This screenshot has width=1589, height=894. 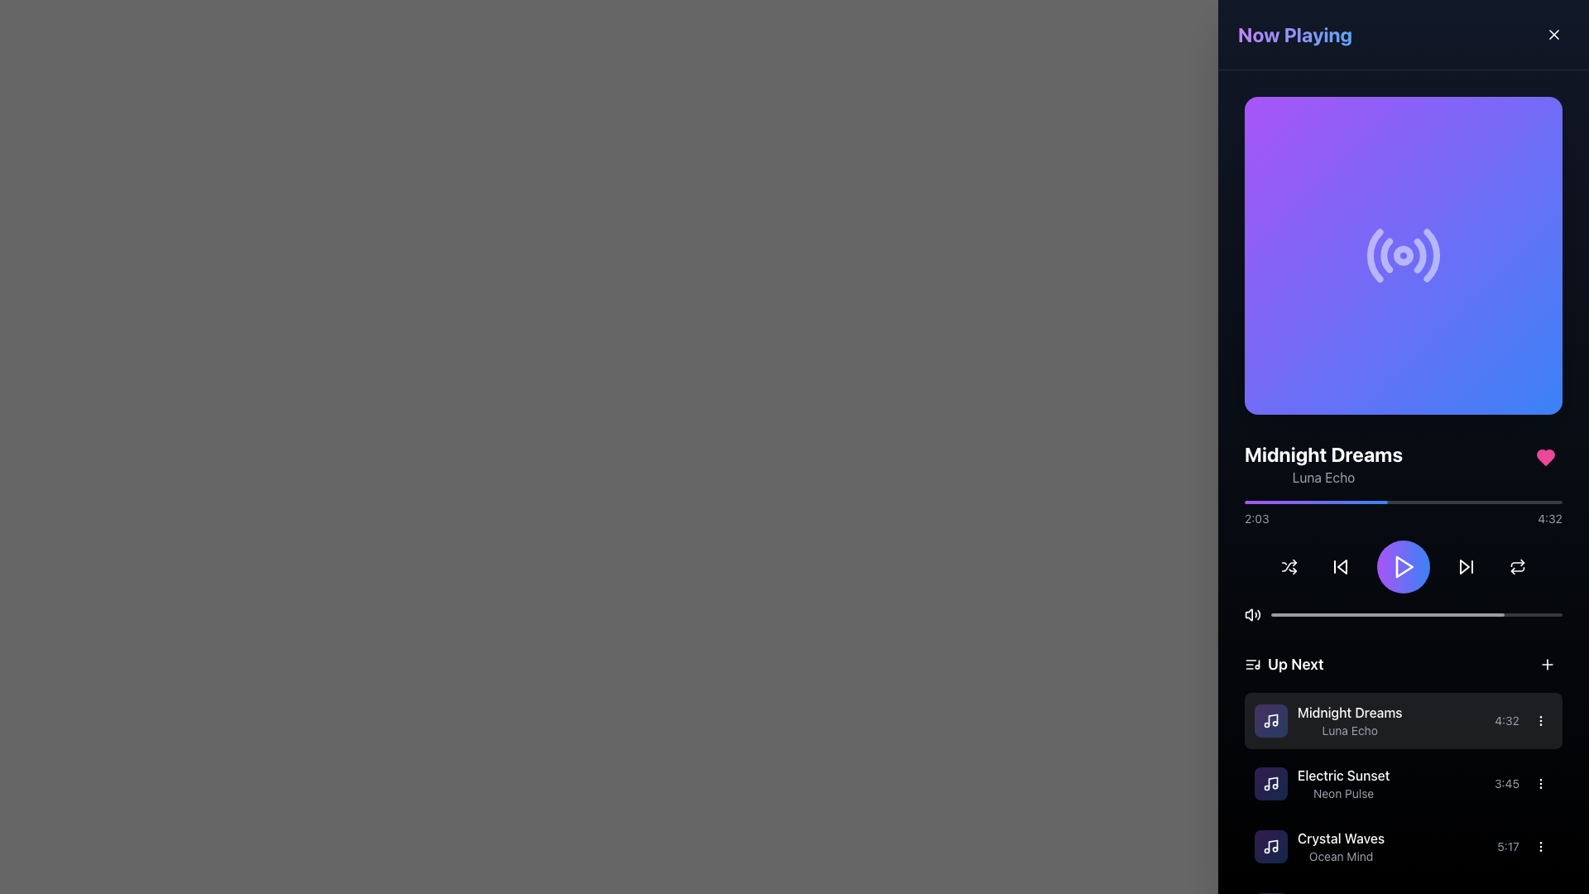 What do you see at coordinates (1343, 783) in the screenshot?
I see `the text display component for item titles and subtitles located` at bounding box center [1343, 783].